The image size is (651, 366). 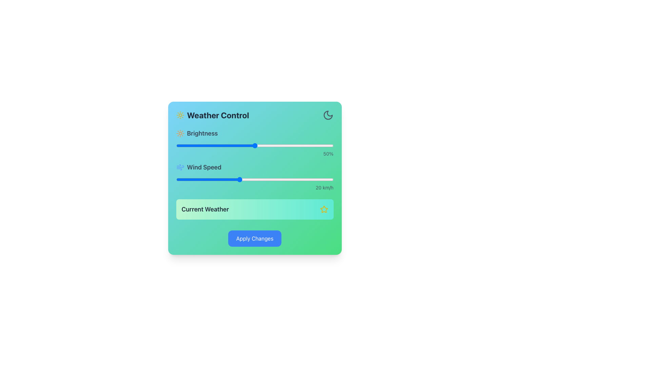 I want to click on the 'Wind Speed' icon in the weather control application, which is positioned to the left of the 'Wind Speed' label, so click(x=180, y=167).